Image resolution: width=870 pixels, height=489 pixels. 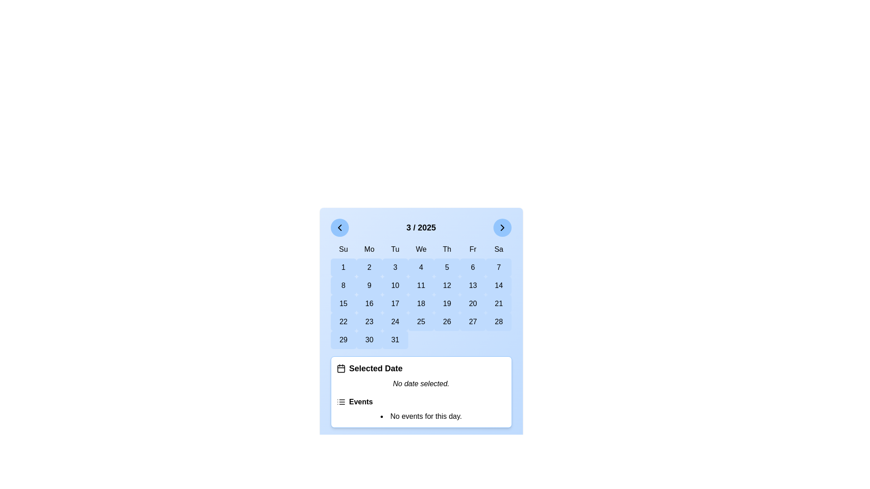 What do you see at coordinates (498, 304) in the screenshot?
I see `the button labeled '21' in the calendar grid for March 2025` at bounding box center [498, 304].